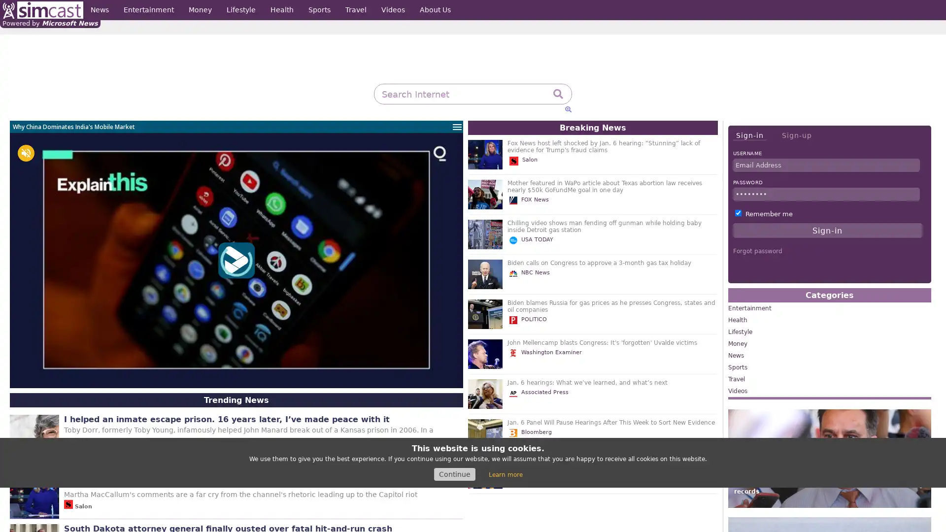  Describe the element at coordinates (827, 230) in the screenshot. I see `Sign-in` at that location.